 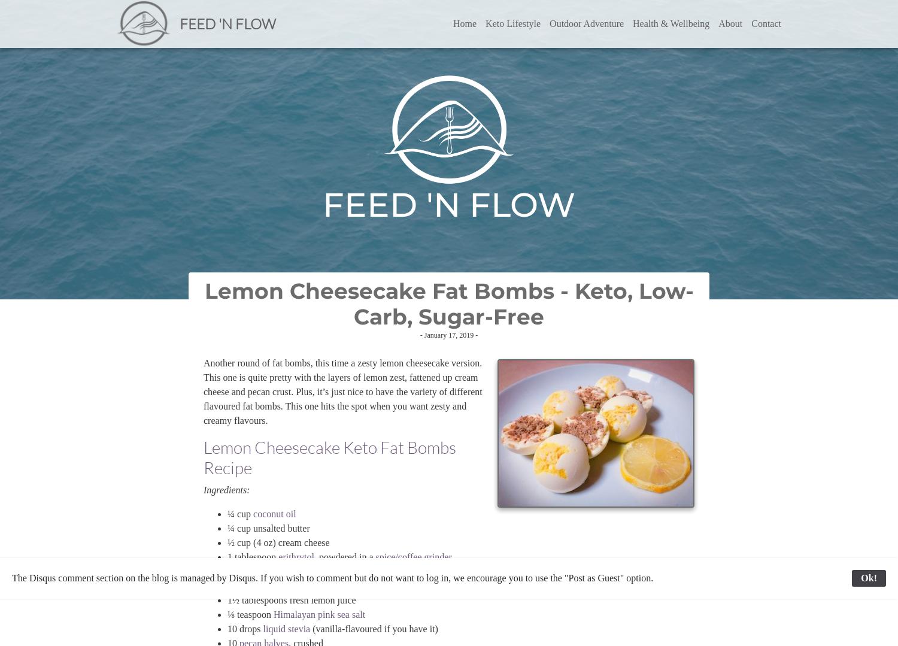 I want to click on 'coconut oil', so click(x=253, y=513).